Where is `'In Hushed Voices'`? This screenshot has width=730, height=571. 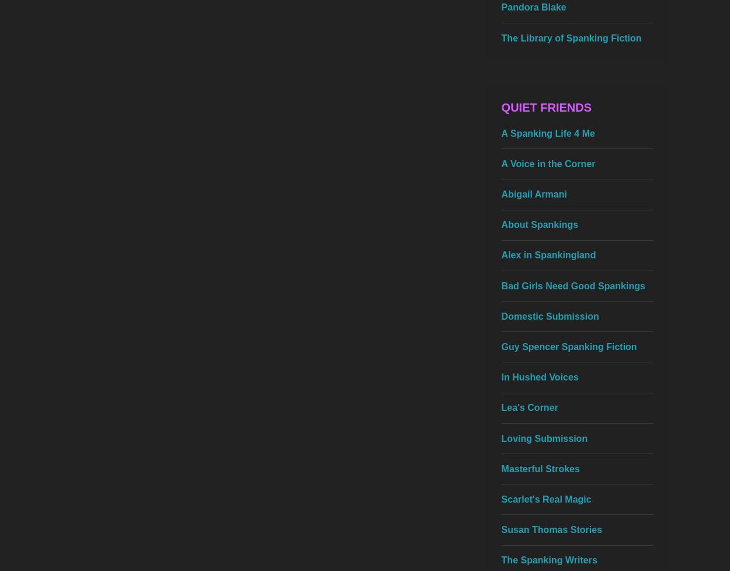
'In Hushed Voices' is located at coordinates (540, 376).